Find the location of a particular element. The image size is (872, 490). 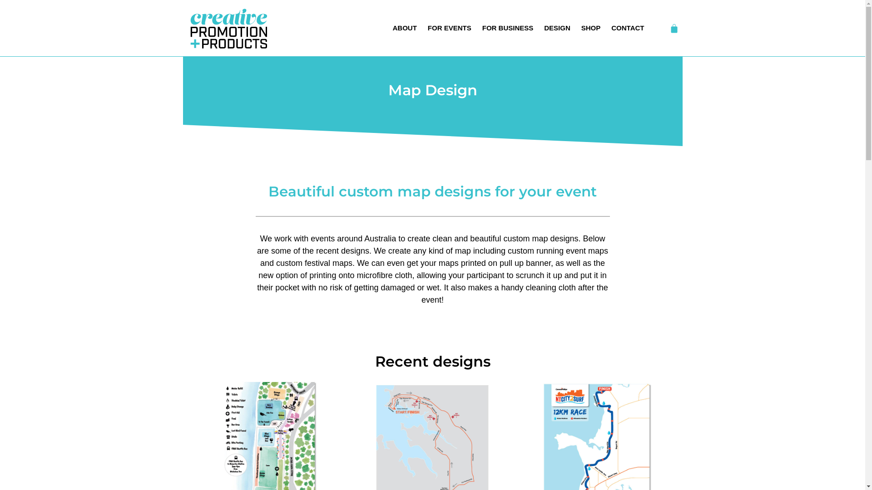

'CONTACT' is located at coordinates (627, 27).